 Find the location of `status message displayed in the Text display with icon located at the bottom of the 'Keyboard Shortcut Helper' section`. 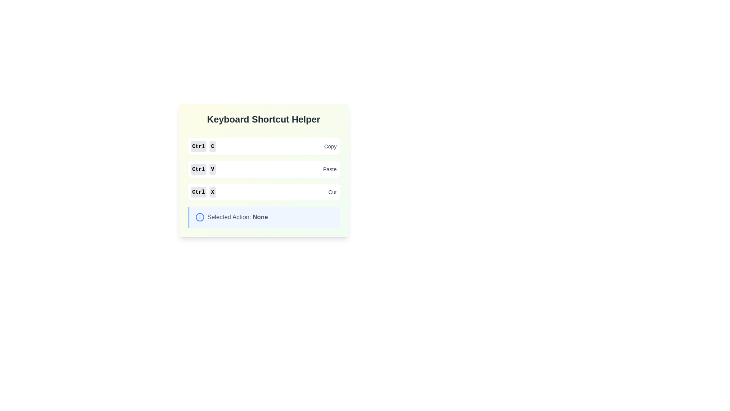

status message displayed in the Text display with icon located at the bottom of the 'Keyboard Shortcut Helper' section is located at coordinates (263, 217).